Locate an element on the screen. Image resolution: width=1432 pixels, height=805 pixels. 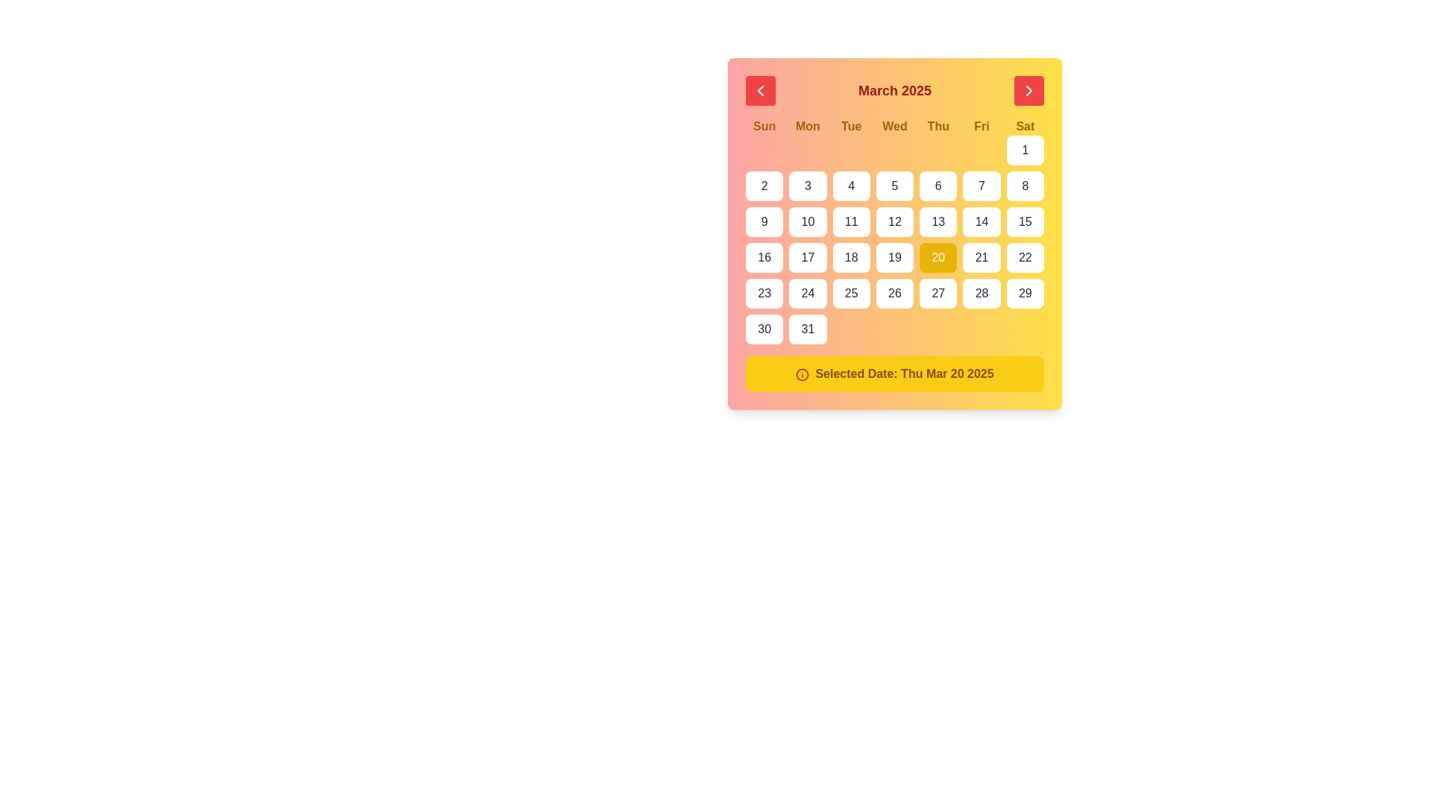
the button representing the selectable date '5' in the calendar interface is located at coordinates (895, 186).